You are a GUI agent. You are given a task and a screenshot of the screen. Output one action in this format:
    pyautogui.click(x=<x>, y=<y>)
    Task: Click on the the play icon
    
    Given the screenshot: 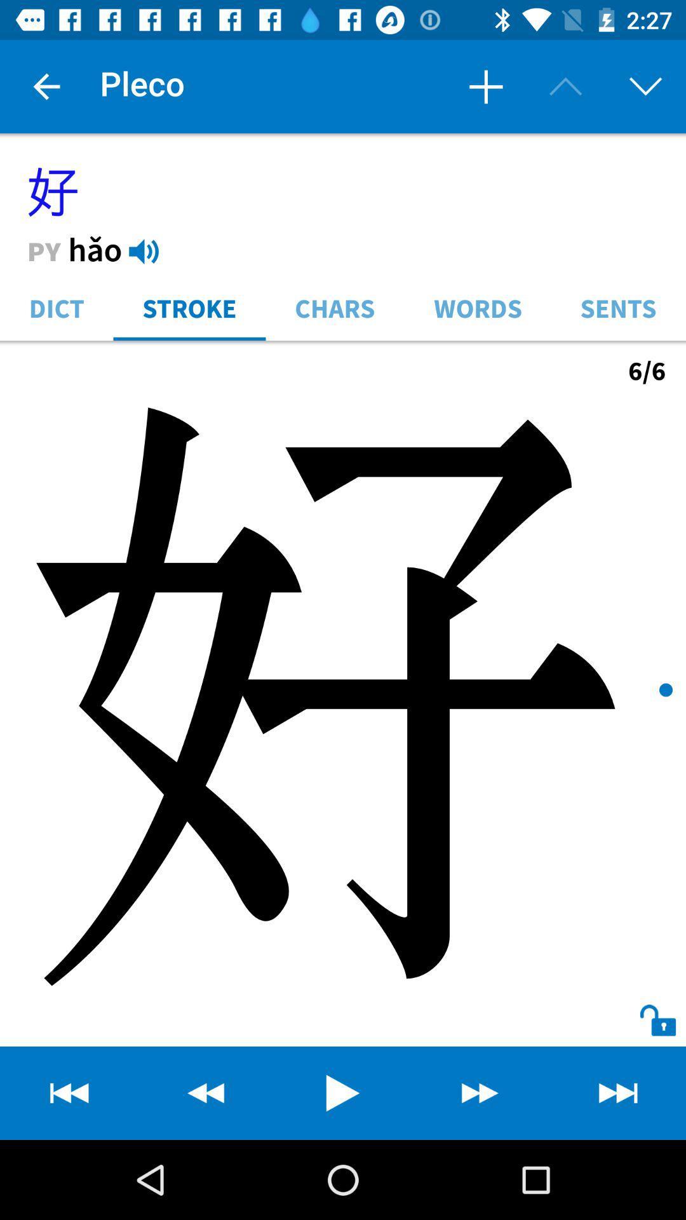 What is the action you would take?
    pyautogui.click(x=343, y=1092)
    